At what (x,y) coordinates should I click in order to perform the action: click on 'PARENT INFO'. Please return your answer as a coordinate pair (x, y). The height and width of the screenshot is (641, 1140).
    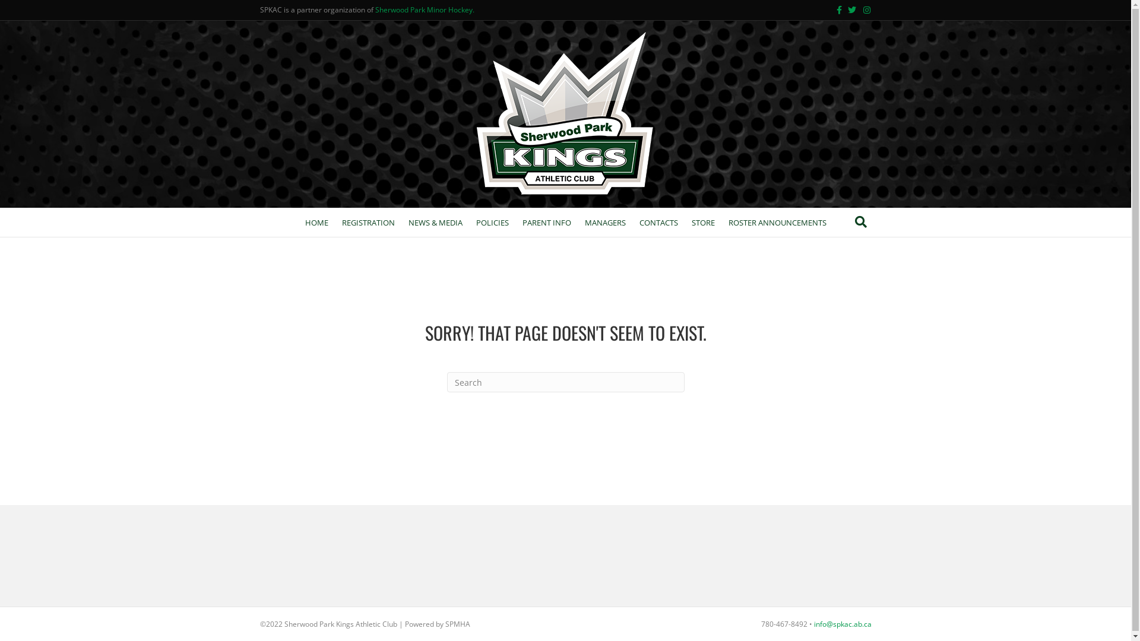
    Looking at the image, I should click on (546, 222).